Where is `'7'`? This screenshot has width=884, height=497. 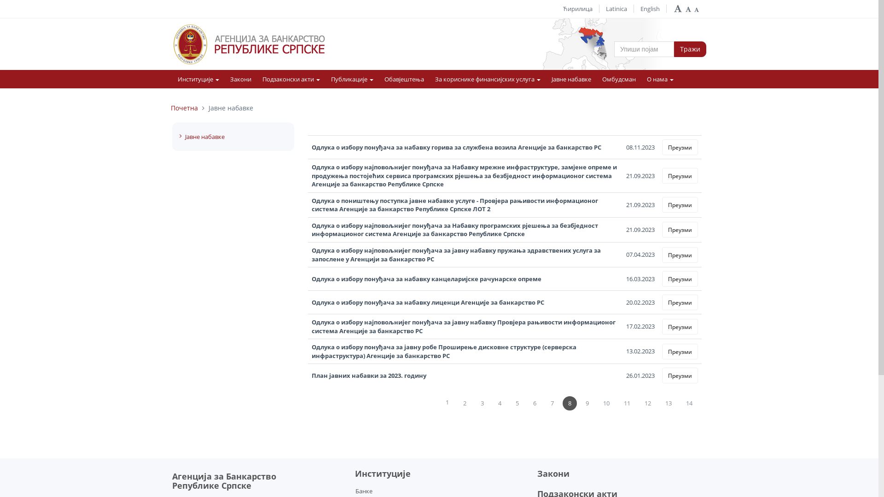
'7' is located at coordinates (552, 403).